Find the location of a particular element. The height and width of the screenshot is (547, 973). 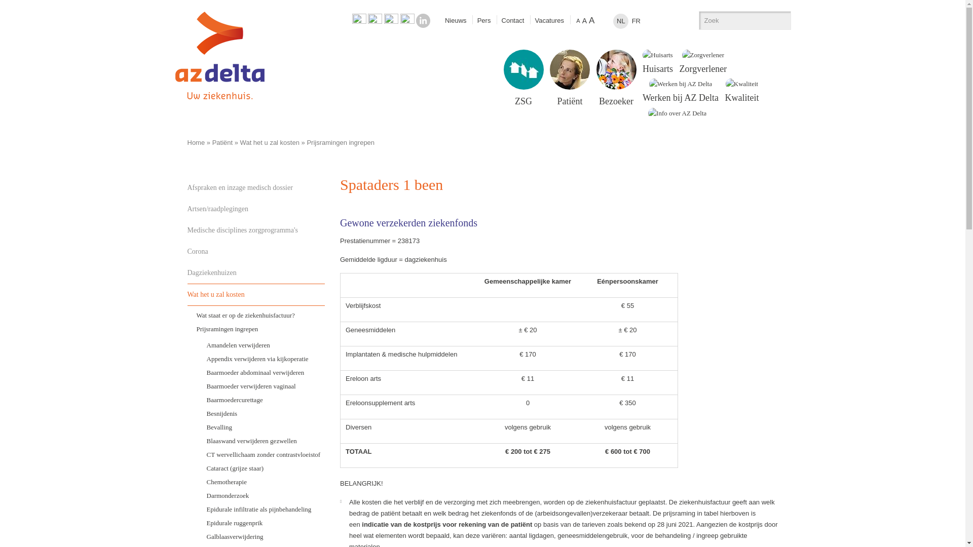

'Baarmoedercurettage' is located at coordinates (197, 399).